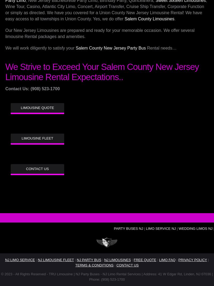 The width and height of the screenshot is (214, 286). Describe the element at coordinates (20, 260) in the screenshot. I see `'NJ LIMO SERVICE'` at that location.